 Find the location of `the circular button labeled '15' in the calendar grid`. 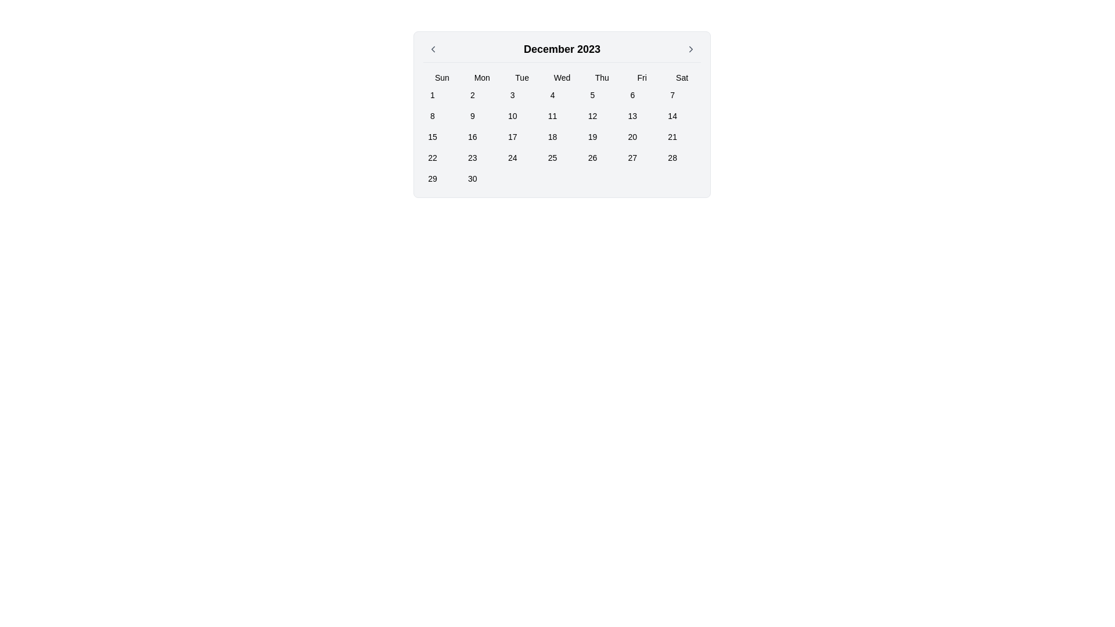

the circular button labeled '15' in the calendar grid is located at coordinates (431, 136).